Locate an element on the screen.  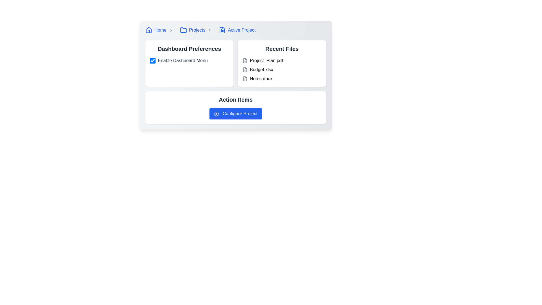
the icon indicating the document type for 'Notes.docx' located in the 'Recent Files' section is located at coordinates (245, 79).